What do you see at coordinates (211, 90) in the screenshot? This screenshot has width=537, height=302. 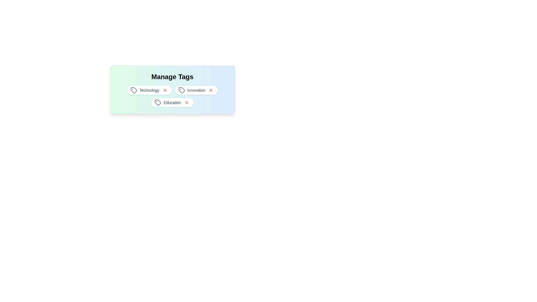 I see `the close button of the tag labeled Innovation to remove it` at bounding box center [211, 90].